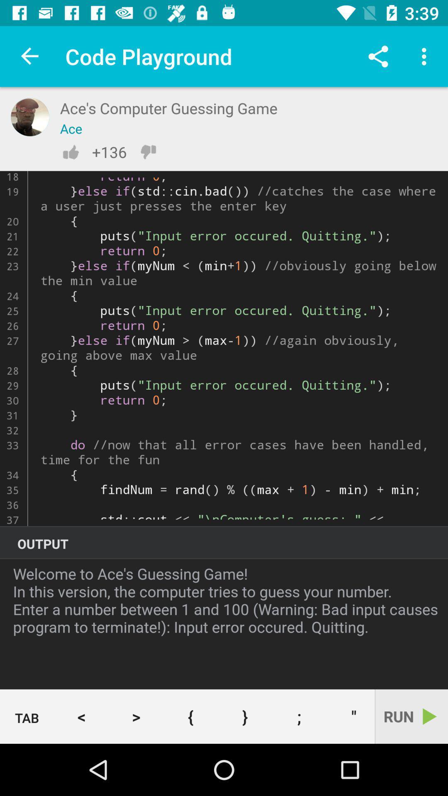 The image size is (448, 796). What do you see at coordinates (70, 152) in the screenshot?
I see `the item next to the +136` at bounding box center [70, 152].